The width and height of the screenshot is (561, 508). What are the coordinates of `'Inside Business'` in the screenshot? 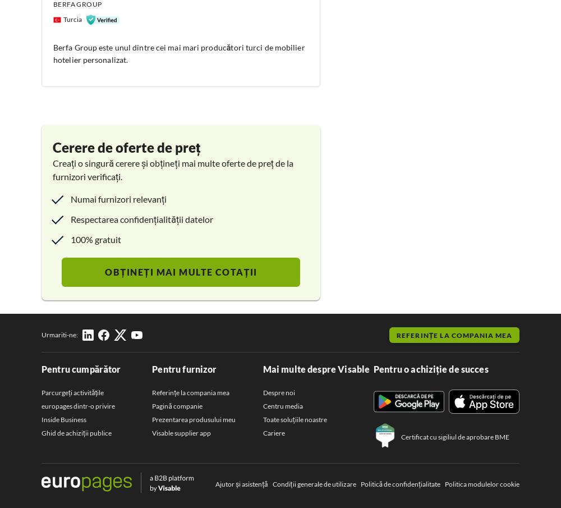 It's located at (63, 419).